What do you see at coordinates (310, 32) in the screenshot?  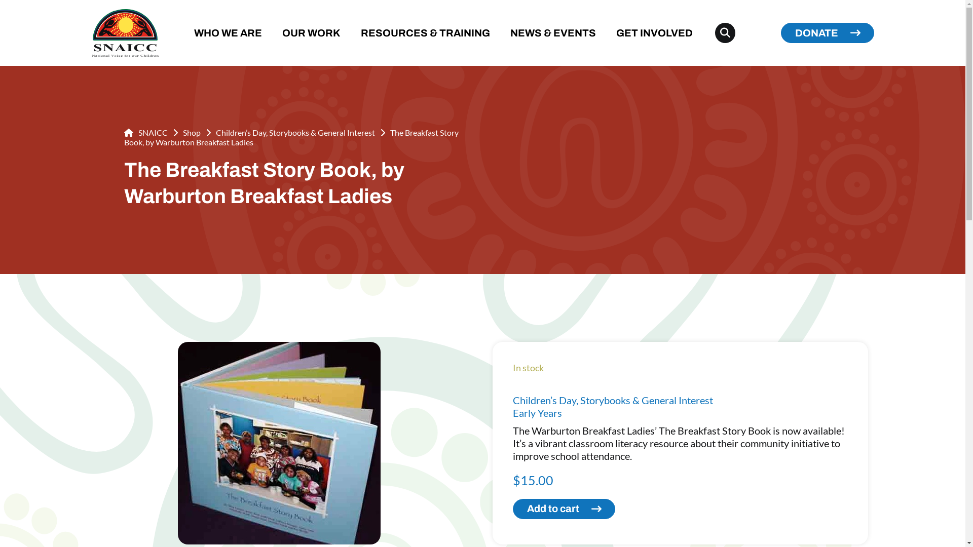 I see `'OUR WORK'` at bounding box center [310, 32].